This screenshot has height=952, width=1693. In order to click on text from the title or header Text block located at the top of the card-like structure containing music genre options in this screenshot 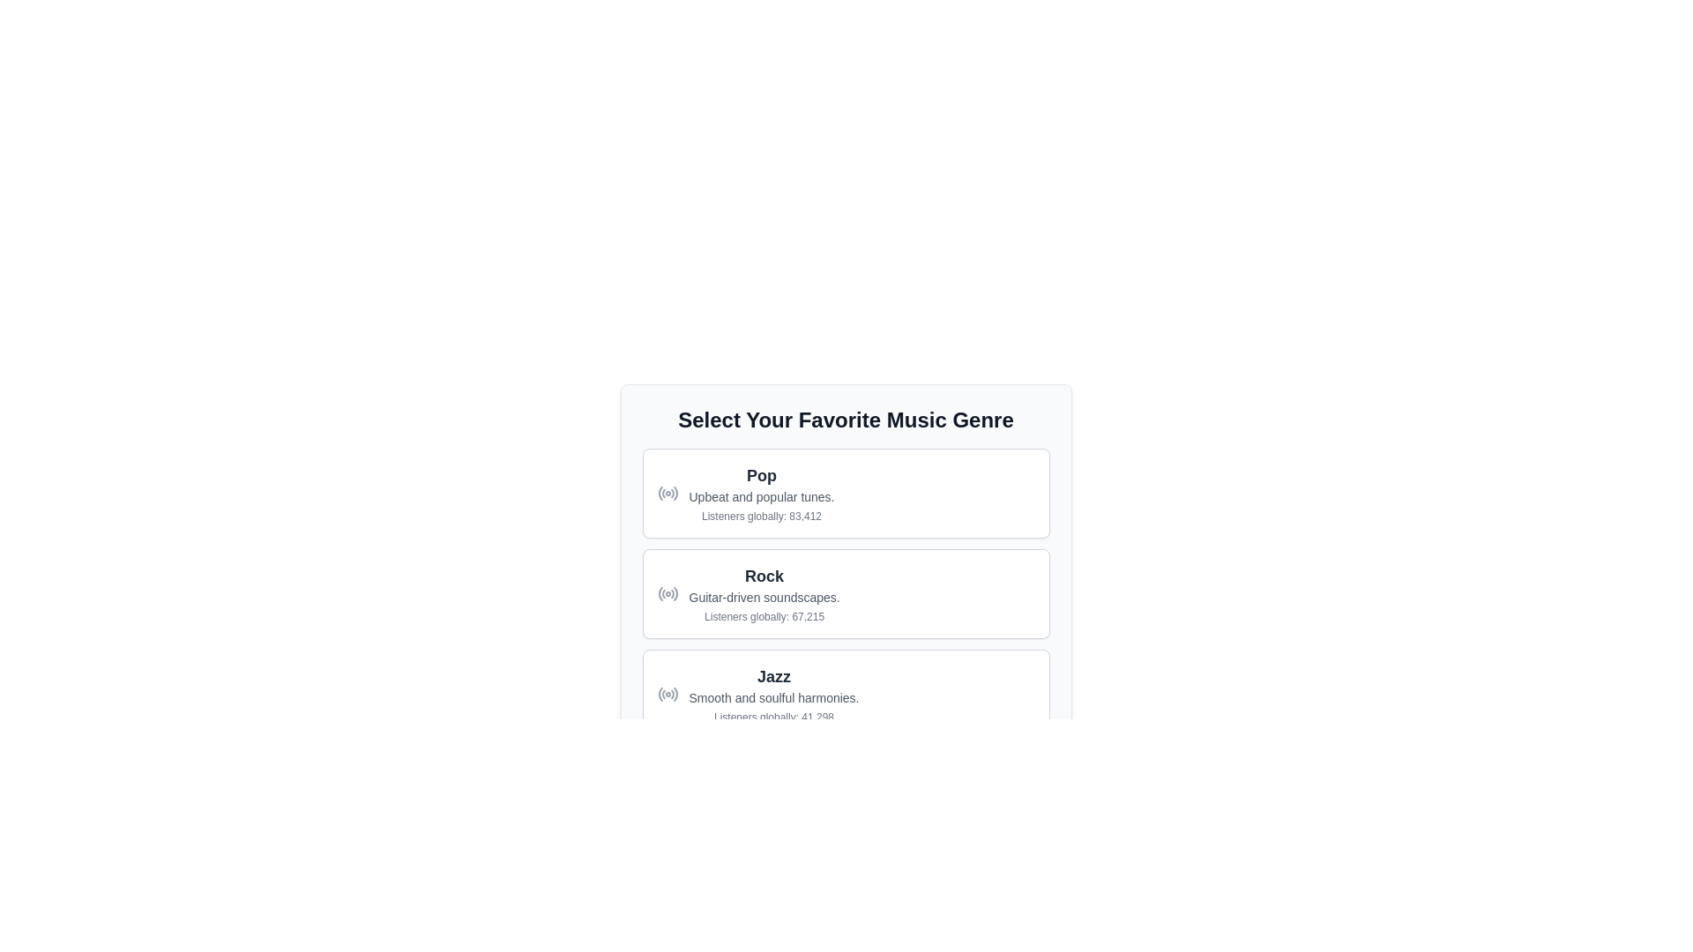, I will do `click(845, 420)`.